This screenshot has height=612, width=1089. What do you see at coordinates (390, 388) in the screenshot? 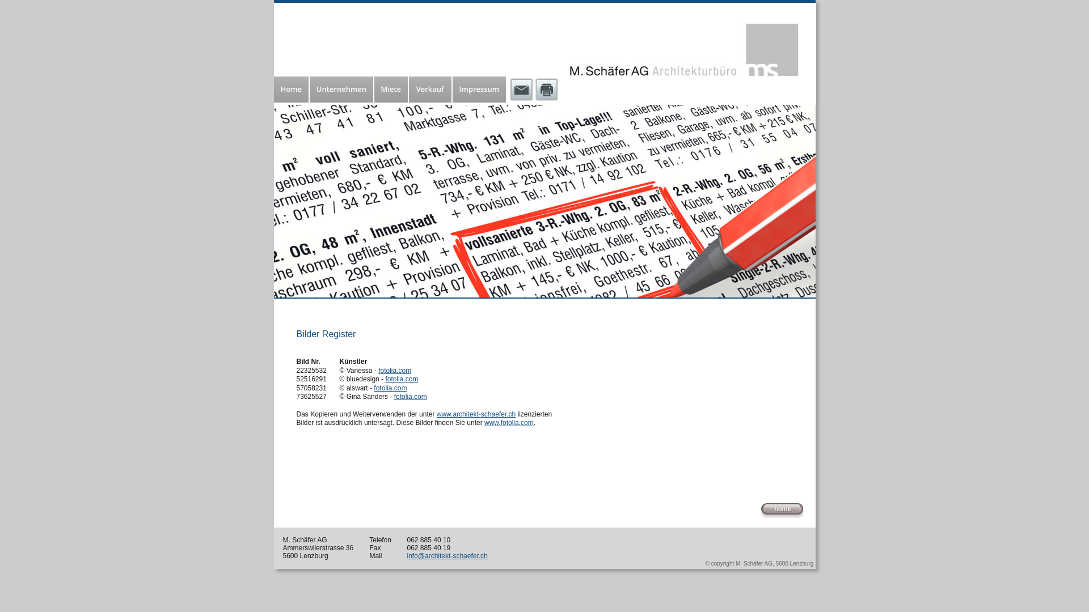
I see `'fotolia.com'` at bounding box center [390, 388].